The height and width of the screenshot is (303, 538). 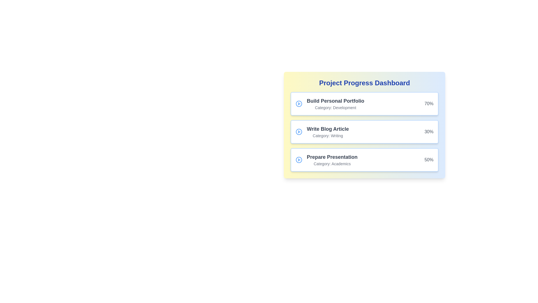 I want to click on the second list item labeled 'Write Blog Article' to interact with the task details, so click(x=322, y=132).